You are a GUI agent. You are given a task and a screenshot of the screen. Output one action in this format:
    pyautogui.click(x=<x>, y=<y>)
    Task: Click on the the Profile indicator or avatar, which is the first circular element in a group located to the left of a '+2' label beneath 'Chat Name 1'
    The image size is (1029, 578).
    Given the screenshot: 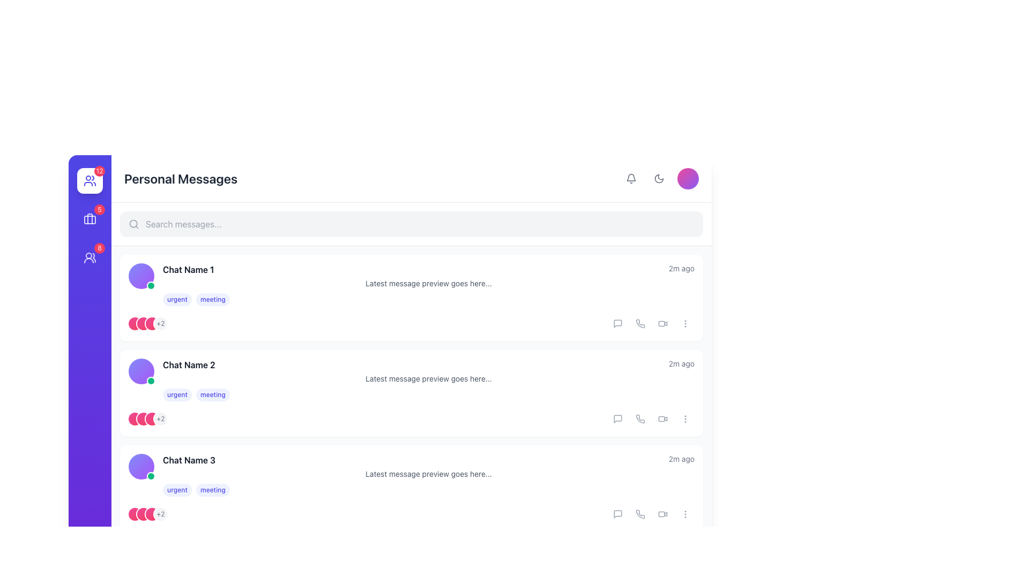 What is the action you would take?
    pyautogui.click(x=135, y=323)
    